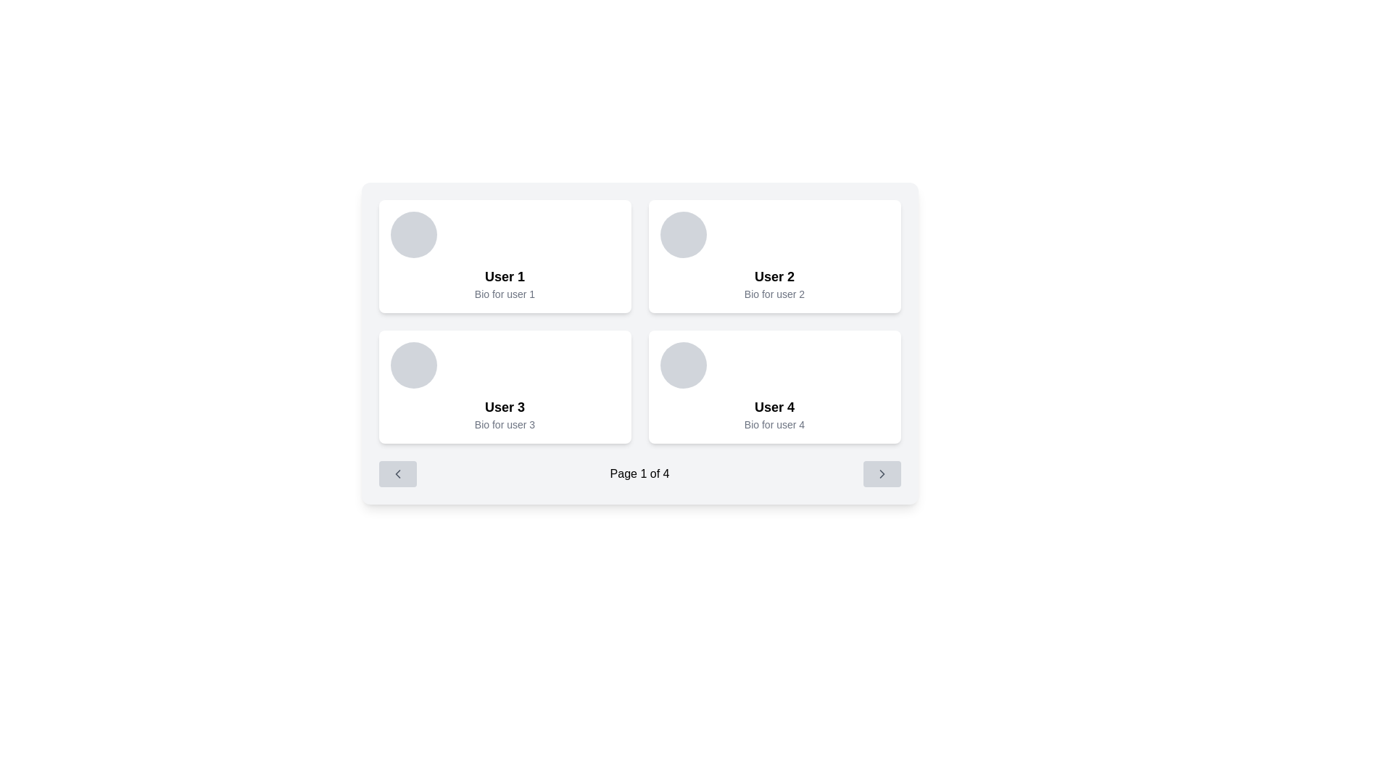  What do you see at coordinates (397, 474) in the screenshot?
I see `the gray button with a left-pointing chevron icon` at bounding box center [397, 474].